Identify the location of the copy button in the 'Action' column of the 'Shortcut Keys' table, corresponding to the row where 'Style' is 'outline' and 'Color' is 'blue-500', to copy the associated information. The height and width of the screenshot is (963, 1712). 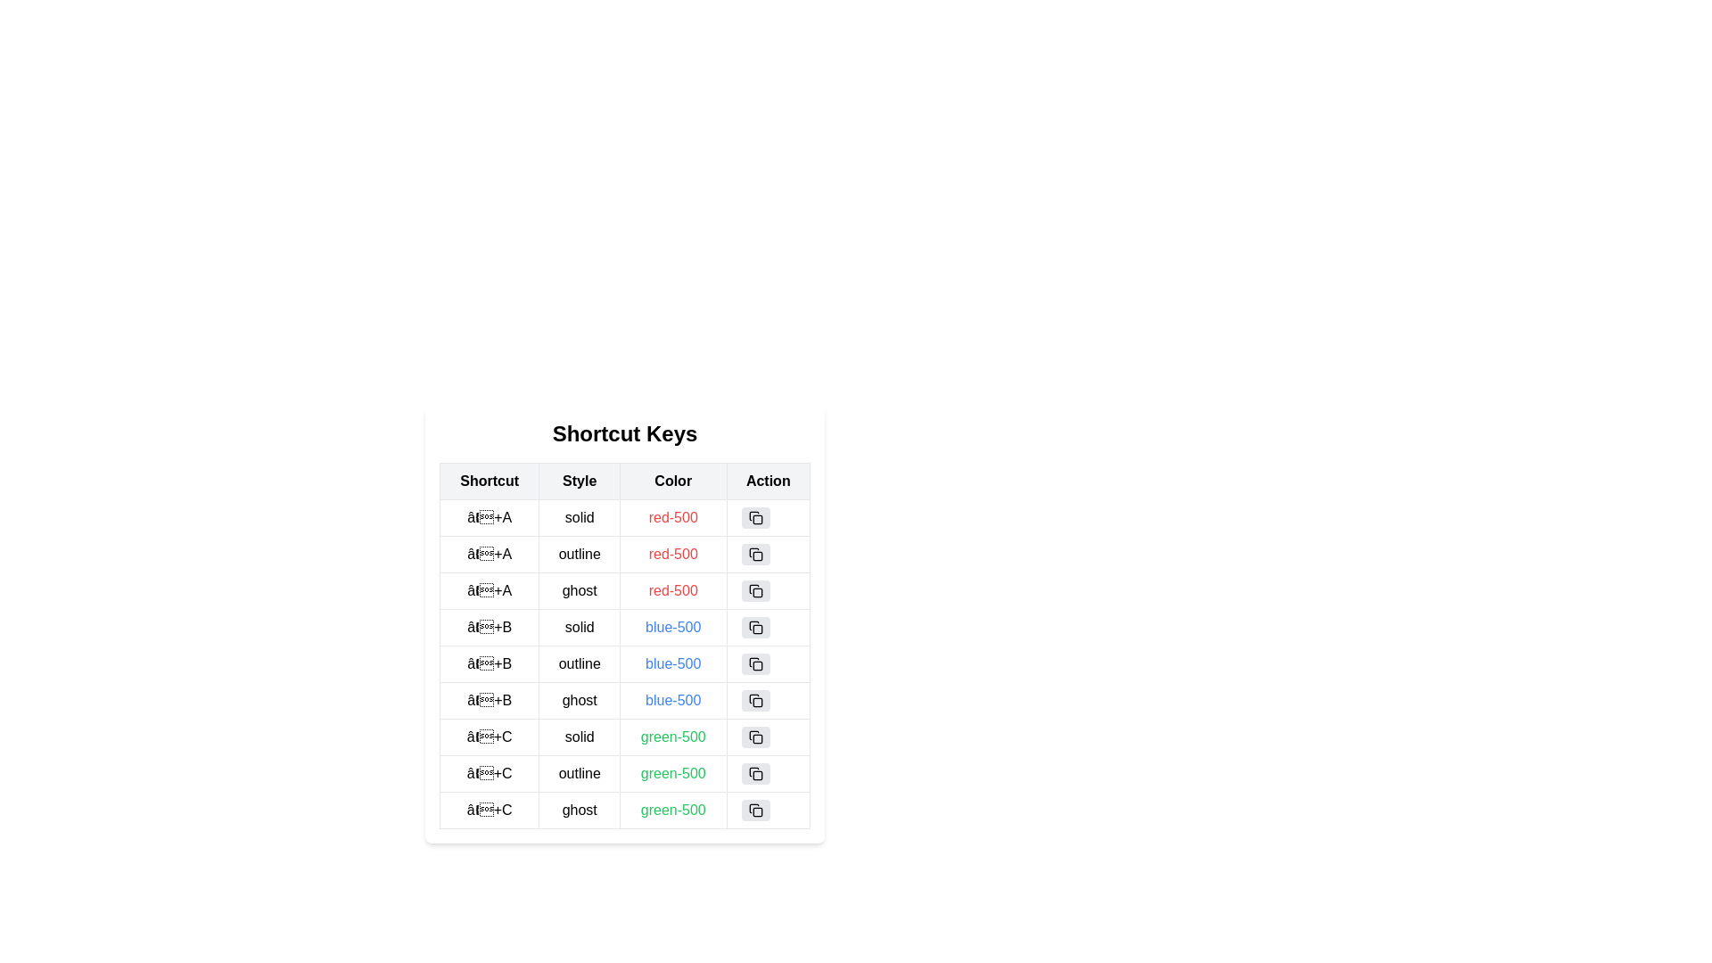
(755, 663).